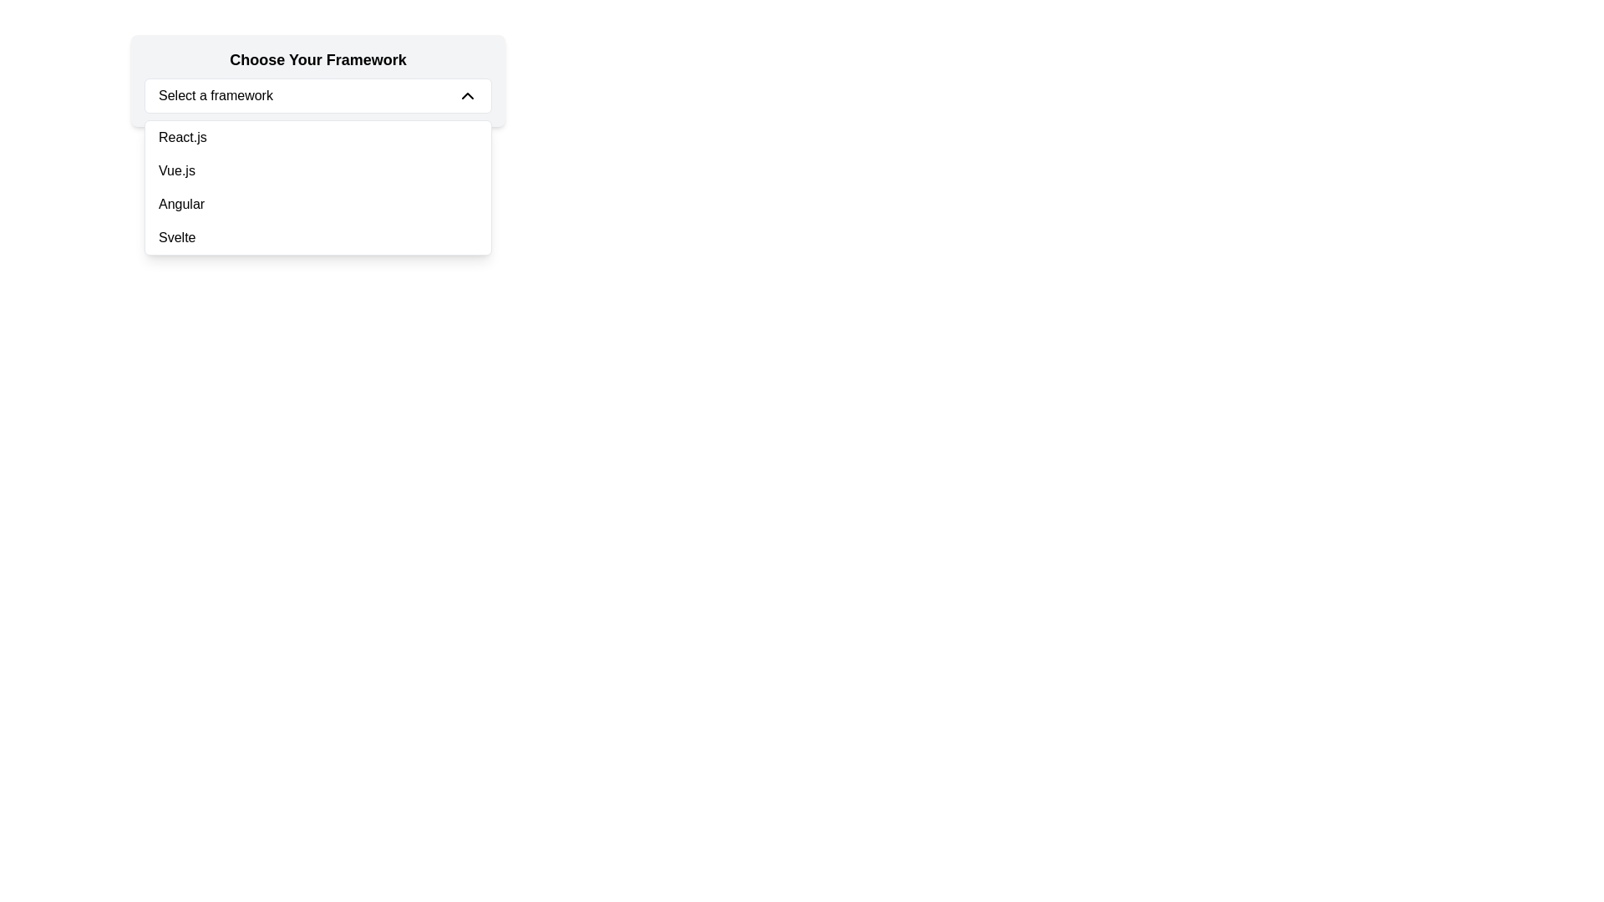 This screenshot has width=1604, height=902. Describe the element at coordinates (468, 96) in the screenshot. I see `the Chevron Up icon located at the rightmost edge of the 'Select a framework' dropdown` at that location.